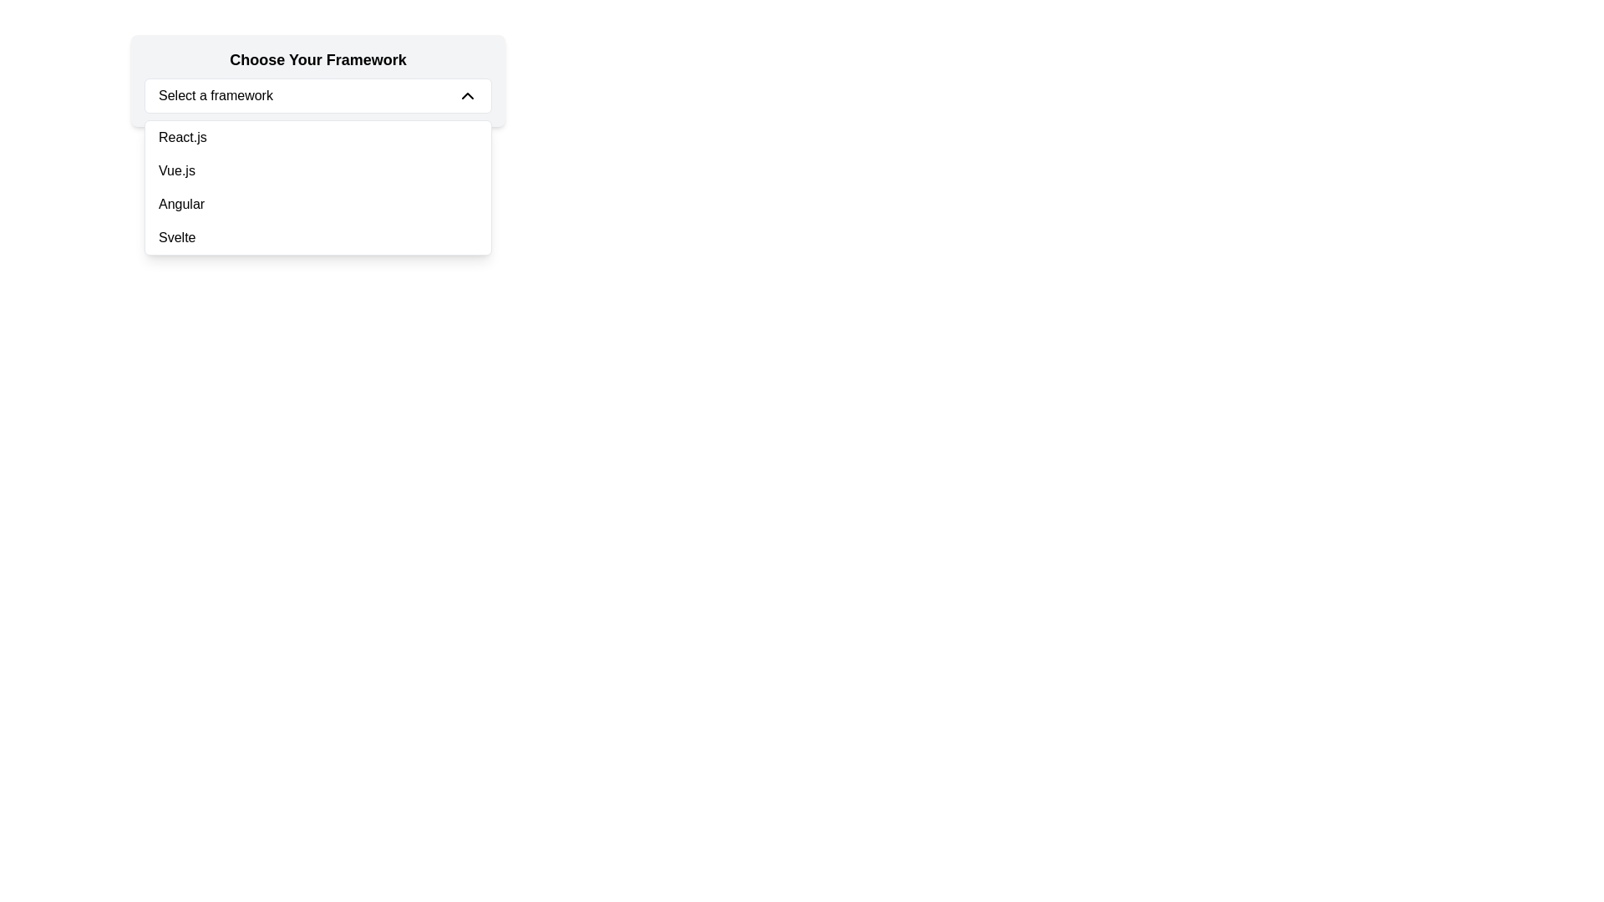 This screenshot has width=1604, height=902. Describe the element at coordinates (468, 96) in the screenshot. I see `the Chevron Up icon located at the rightmost edge of the 'Select a framework' dropdown` at that location.